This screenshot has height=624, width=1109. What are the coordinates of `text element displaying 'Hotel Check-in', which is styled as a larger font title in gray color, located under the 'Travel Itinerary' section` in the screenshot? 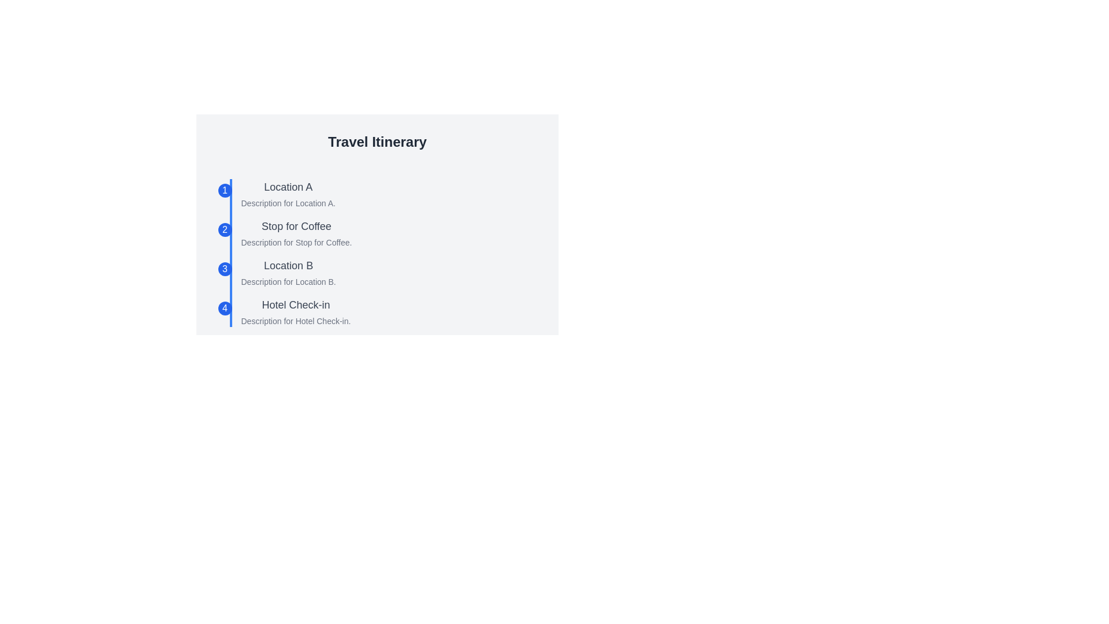 It's located at (296, 304).